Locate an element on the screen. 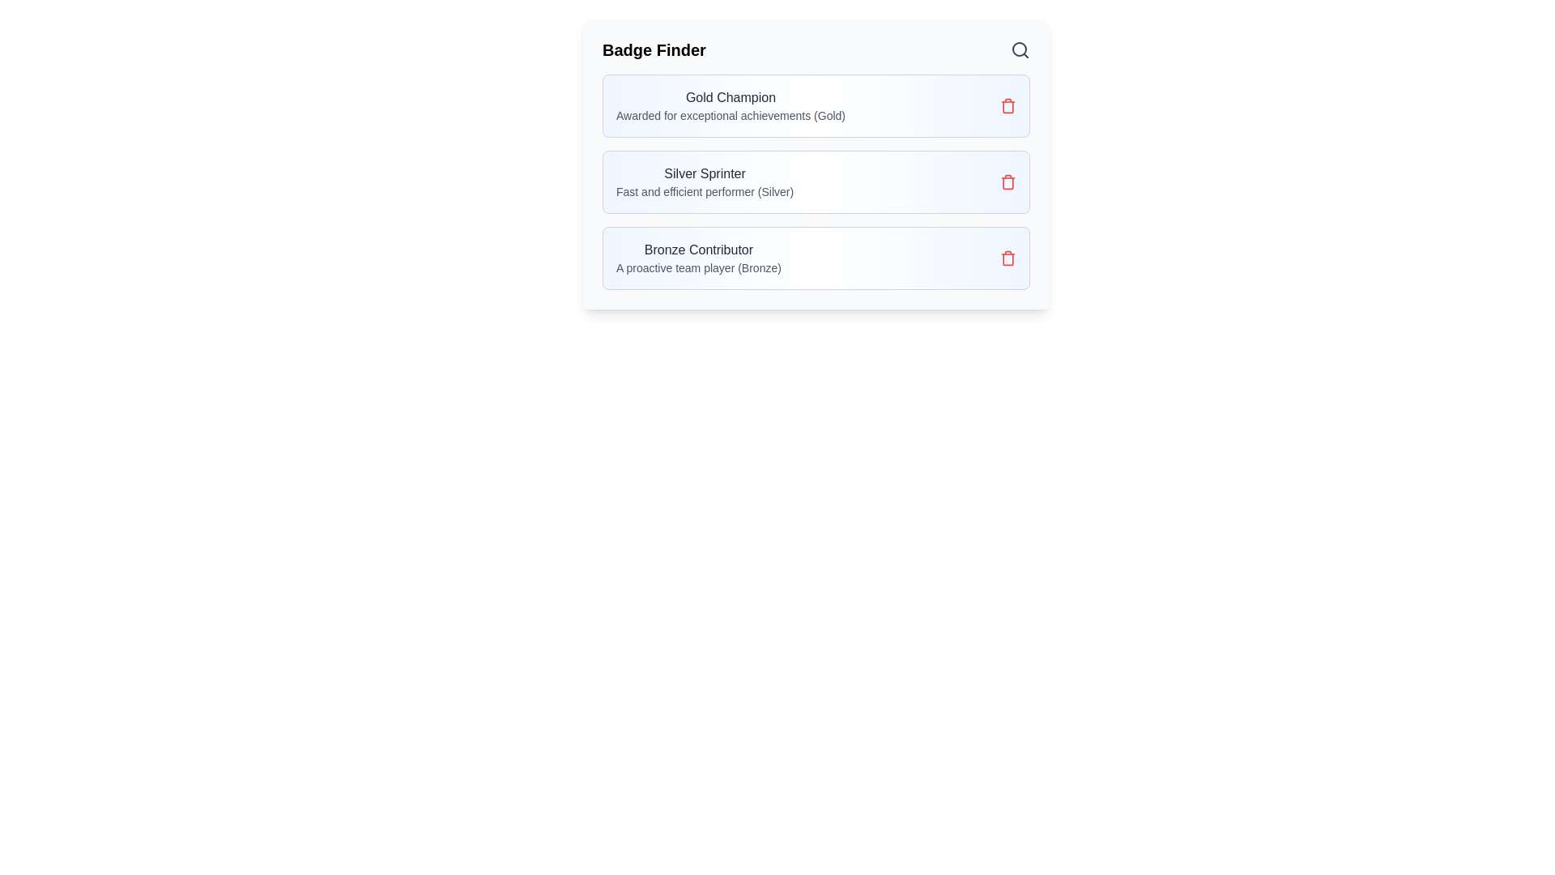 The image size is (1555, 875). the trash bin icon button used for delete actions, located on the far right of the third item in a vertically aligned list under the 'Bronze Contributor' label, to prepare for keyboard interactions is located at coordinates (1007, 258).